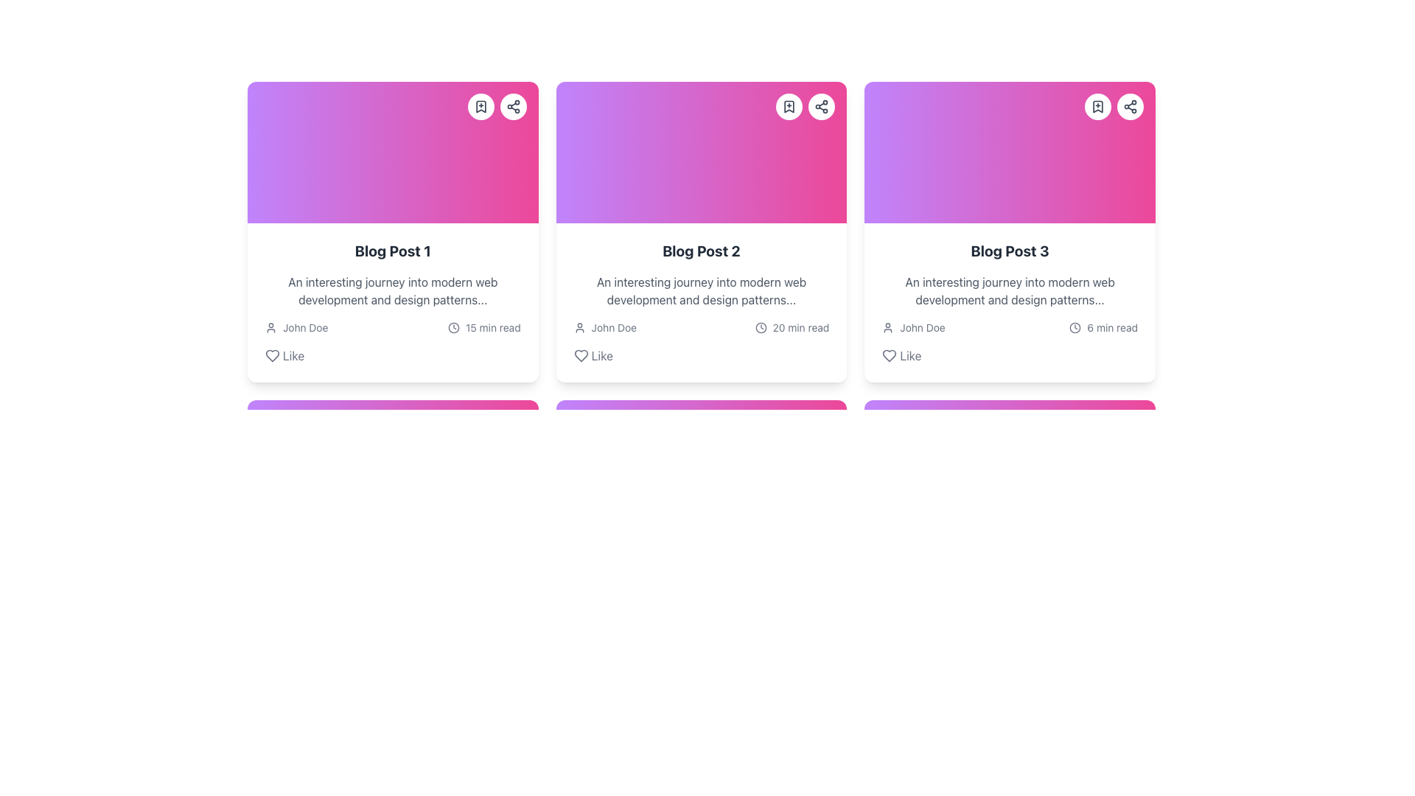 The width and height of the screenshot is (1415, 796). I want to click on the heart-shaped icon with a grey stroke next to the 'Like' label, so click(580, 355).